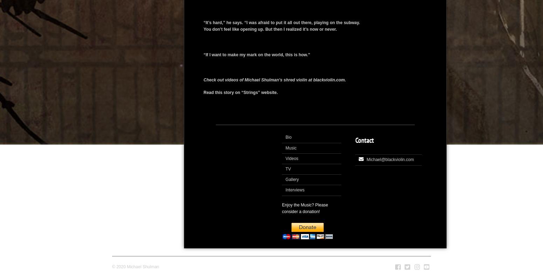 The image size is (543, 277). I want to click on 'Enjoy the Music? Please consider a donation!', so click(305, 208).